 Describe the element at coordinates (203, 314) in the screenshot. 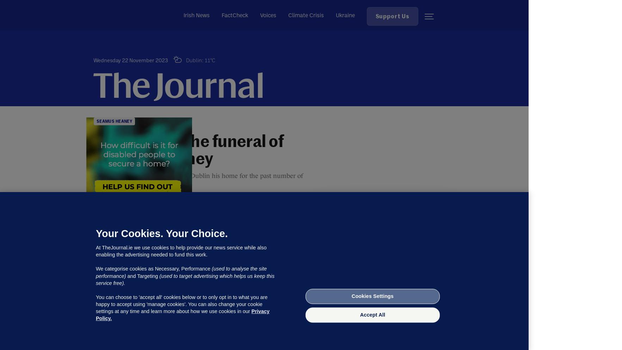

I see `'Below is a selection of images as Ireland said goodbye to one of its true literary greats.'` at that location.